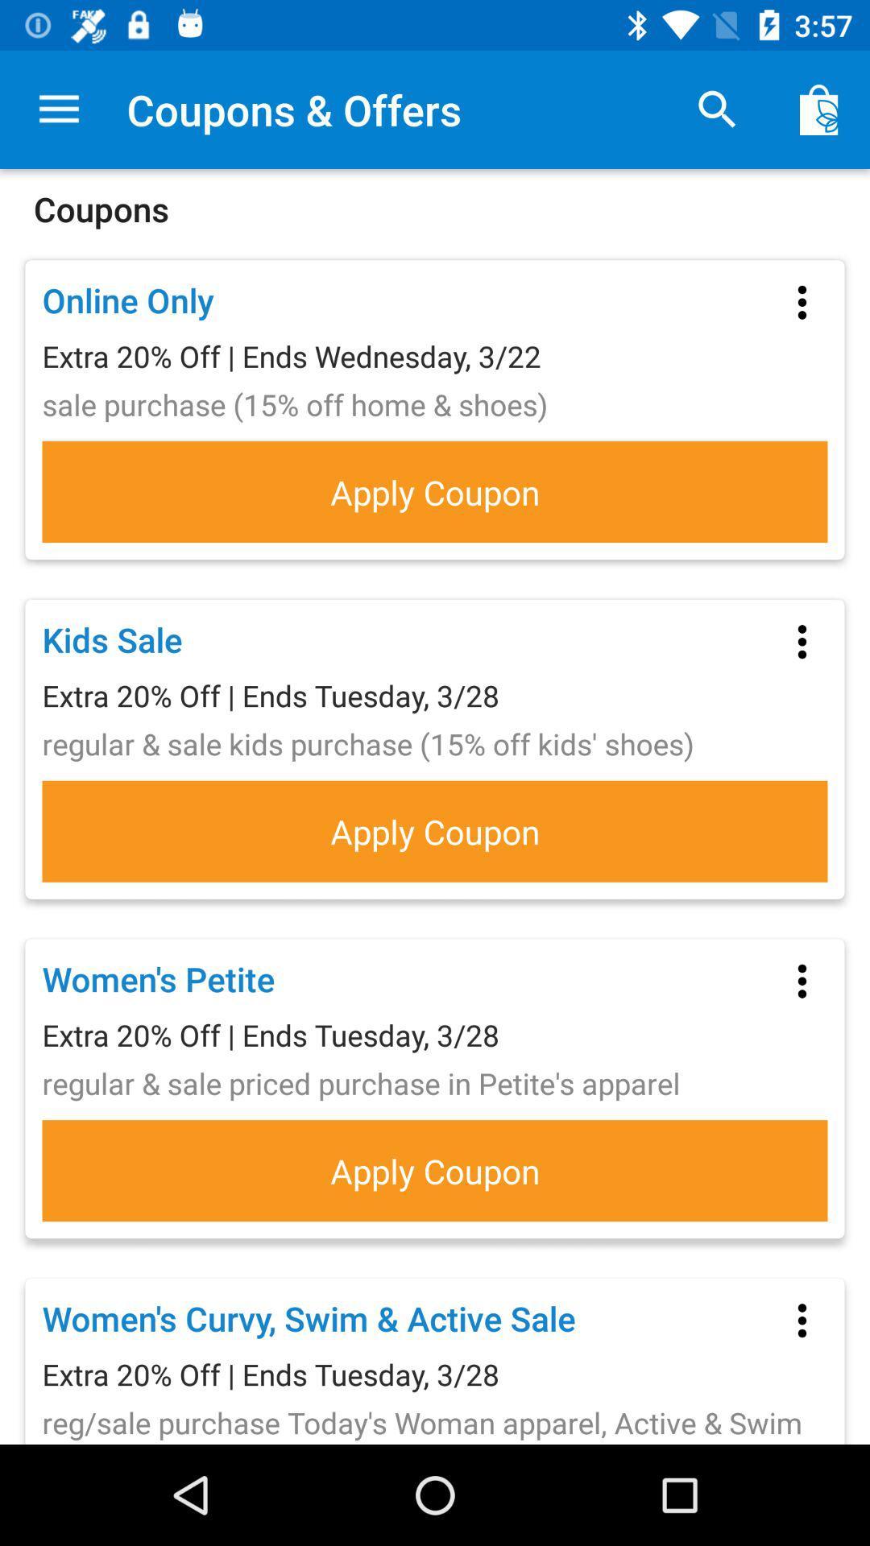 Image resolution: width=870 pixels, height=1546 pixels. I want to click on icon above the coupons icon, so click(819, 109).